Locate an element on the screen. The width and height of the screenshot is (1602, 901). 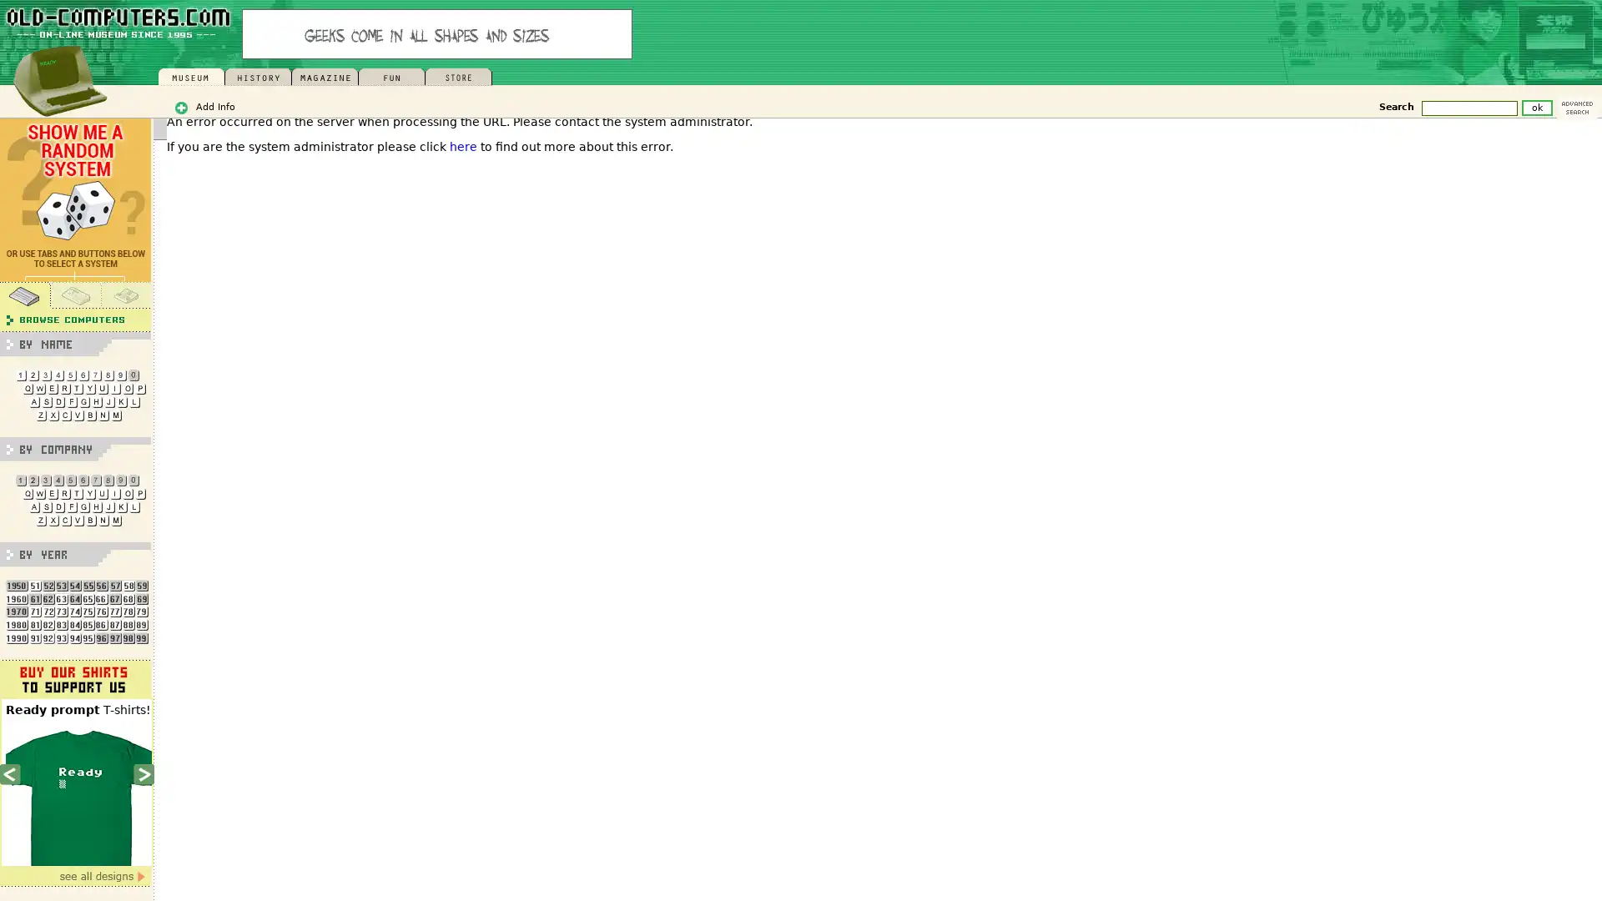
ok is located at coordinates (1536, 107).